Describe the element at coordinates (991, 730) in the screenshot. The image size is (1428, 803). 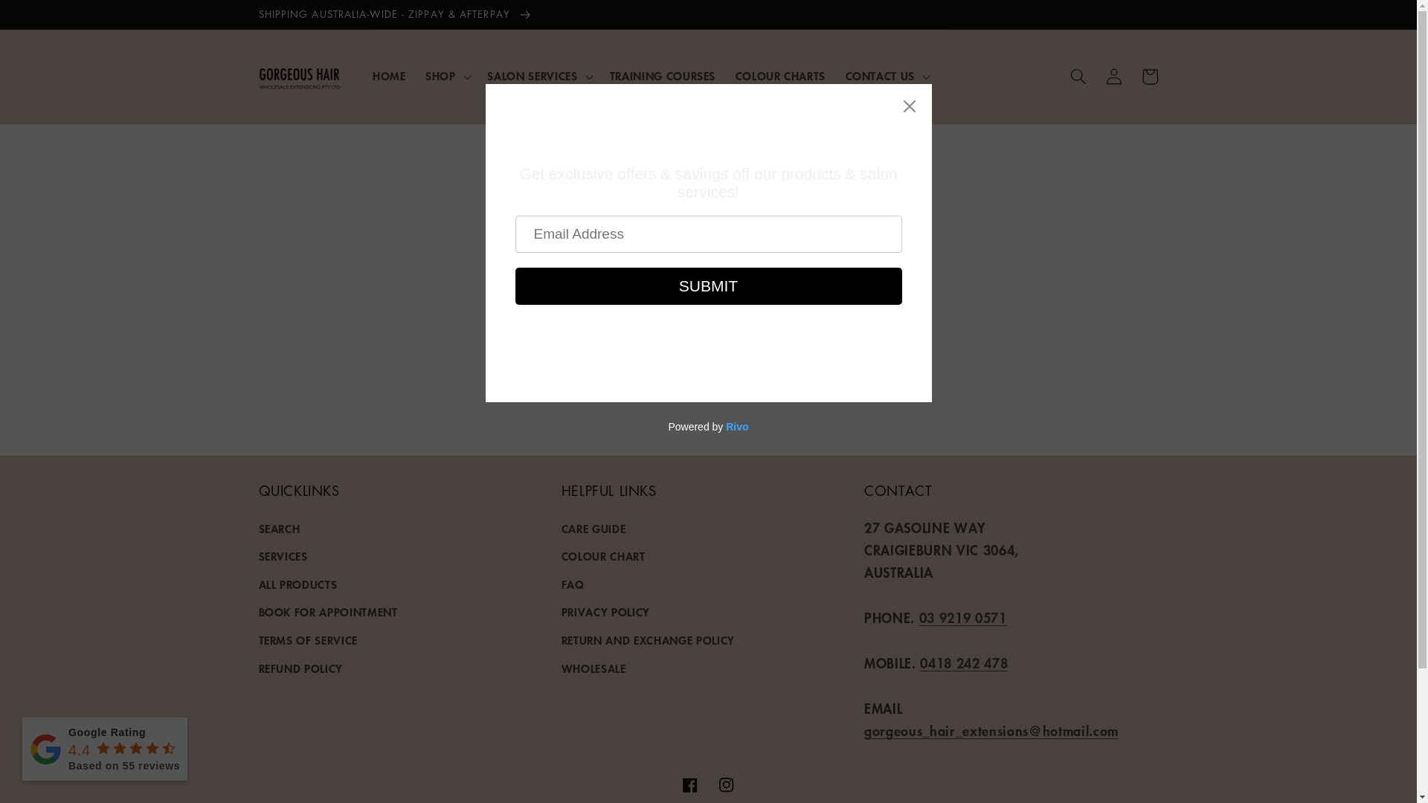
I see `'gorgeous_hair_extensions@hotmail.com'` at that location.